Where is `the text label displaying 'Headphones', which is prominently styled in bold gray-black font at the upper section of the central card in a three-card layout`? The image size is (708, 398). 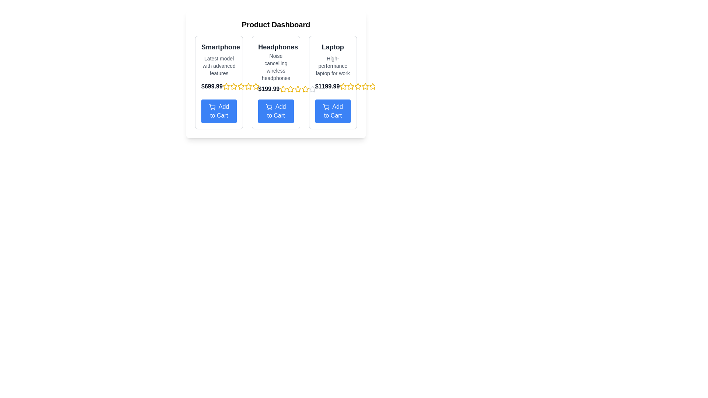
the text label displaying 'Headphones', which is prominently styled in bold gray-black font at the upper section of the central card in a three-card layout is located at coordinates (275, 47).